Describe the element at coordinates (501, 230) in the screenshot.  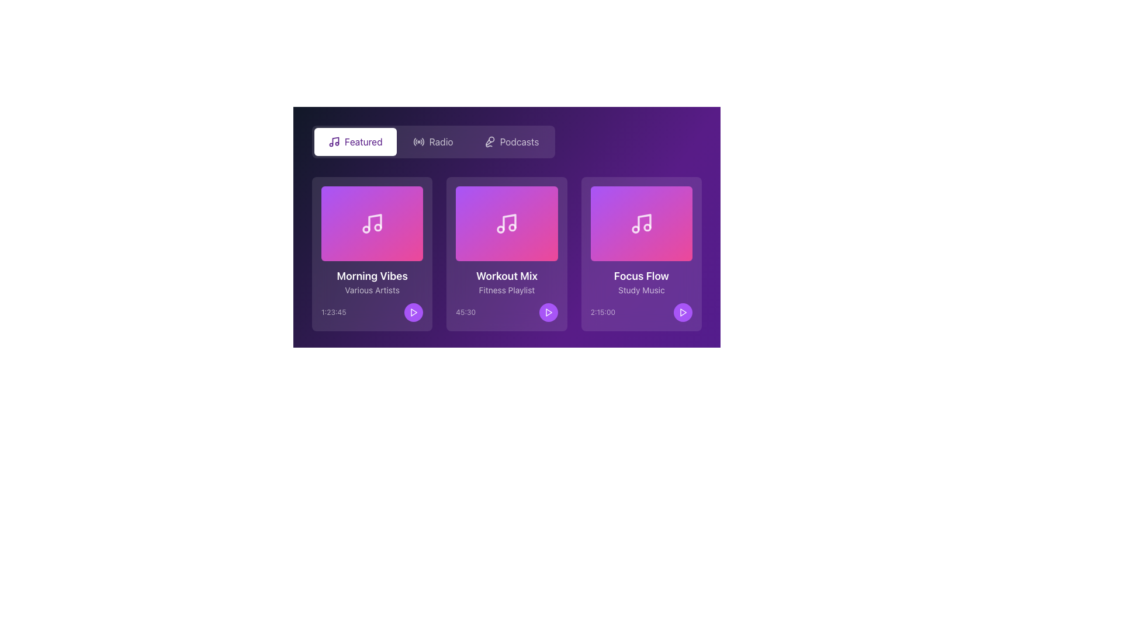
I see `the left circle of the music note icon within the 'Workout Mix' card` at that location.